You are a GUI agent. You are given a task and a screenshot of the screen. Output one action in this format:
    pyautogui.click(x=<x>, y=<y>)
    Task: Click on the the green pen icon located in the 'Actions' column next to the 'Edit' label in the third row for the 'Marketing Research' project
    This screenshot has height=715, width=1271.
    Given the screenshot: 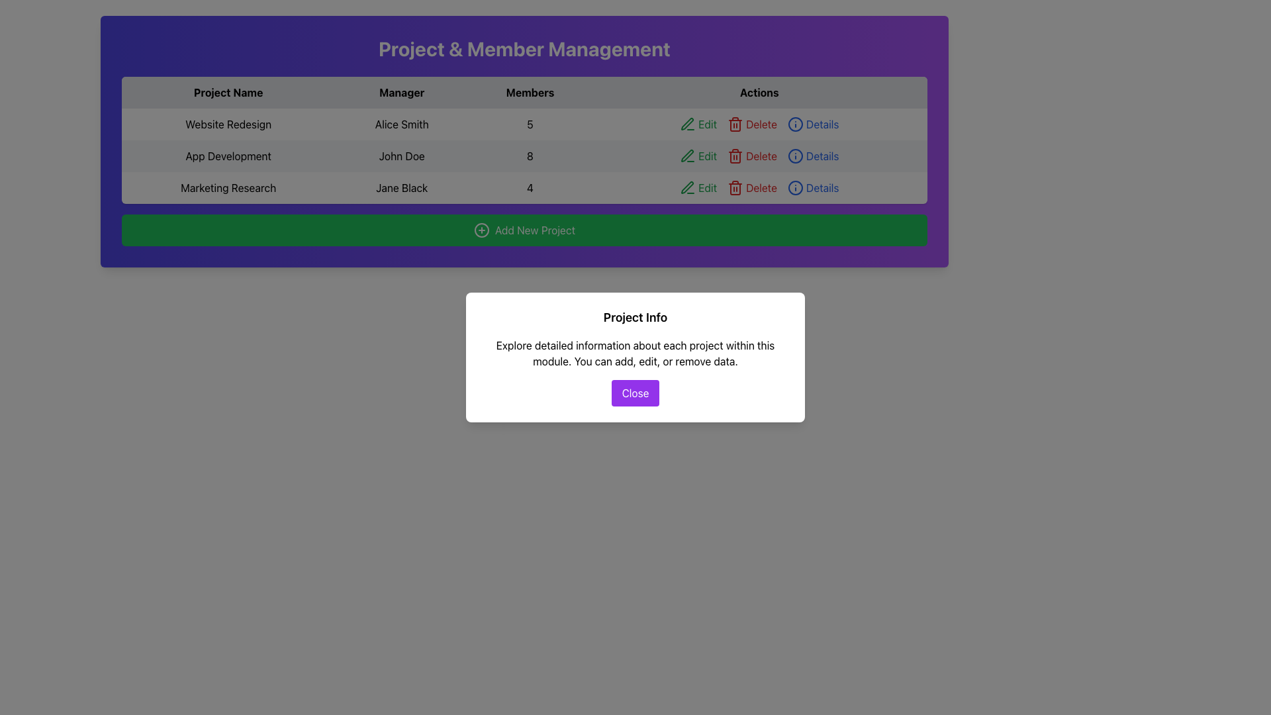 What is the action you would take?
    pyautogui.click(x=688, y=188)
    